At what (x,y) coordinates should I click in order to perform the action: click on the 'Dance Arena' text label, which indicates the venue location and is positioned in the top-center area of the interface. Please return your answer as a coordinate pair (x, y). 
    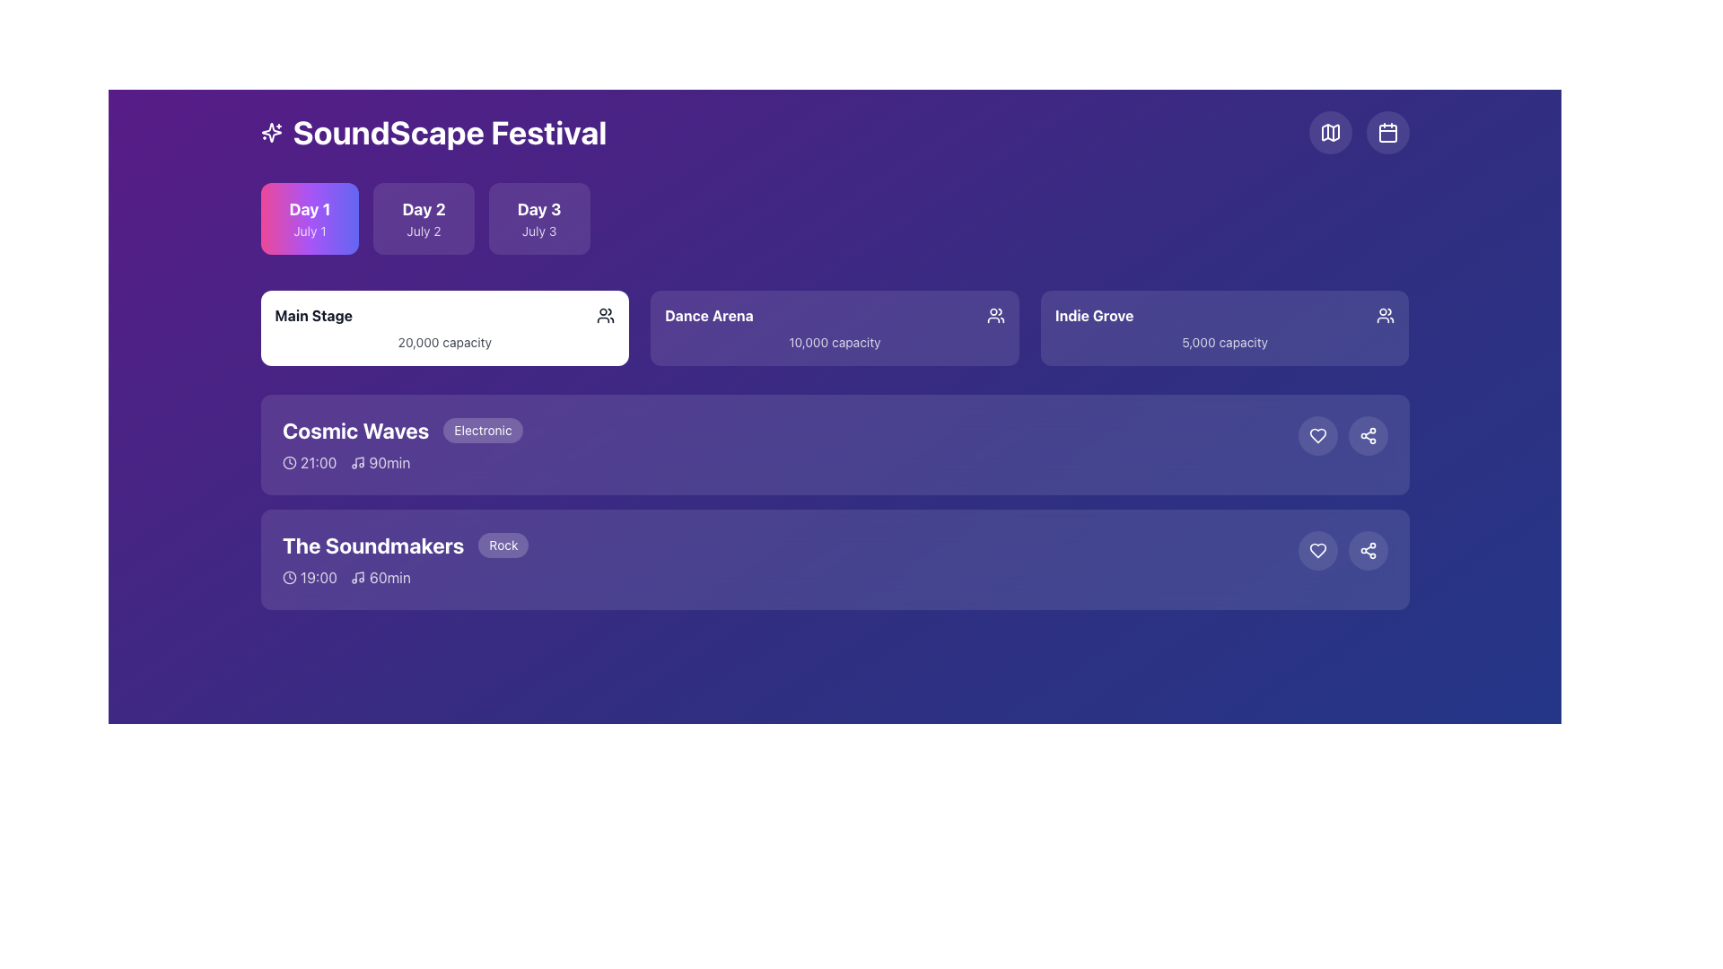
    Looking at the image, I should click on (708, 314).